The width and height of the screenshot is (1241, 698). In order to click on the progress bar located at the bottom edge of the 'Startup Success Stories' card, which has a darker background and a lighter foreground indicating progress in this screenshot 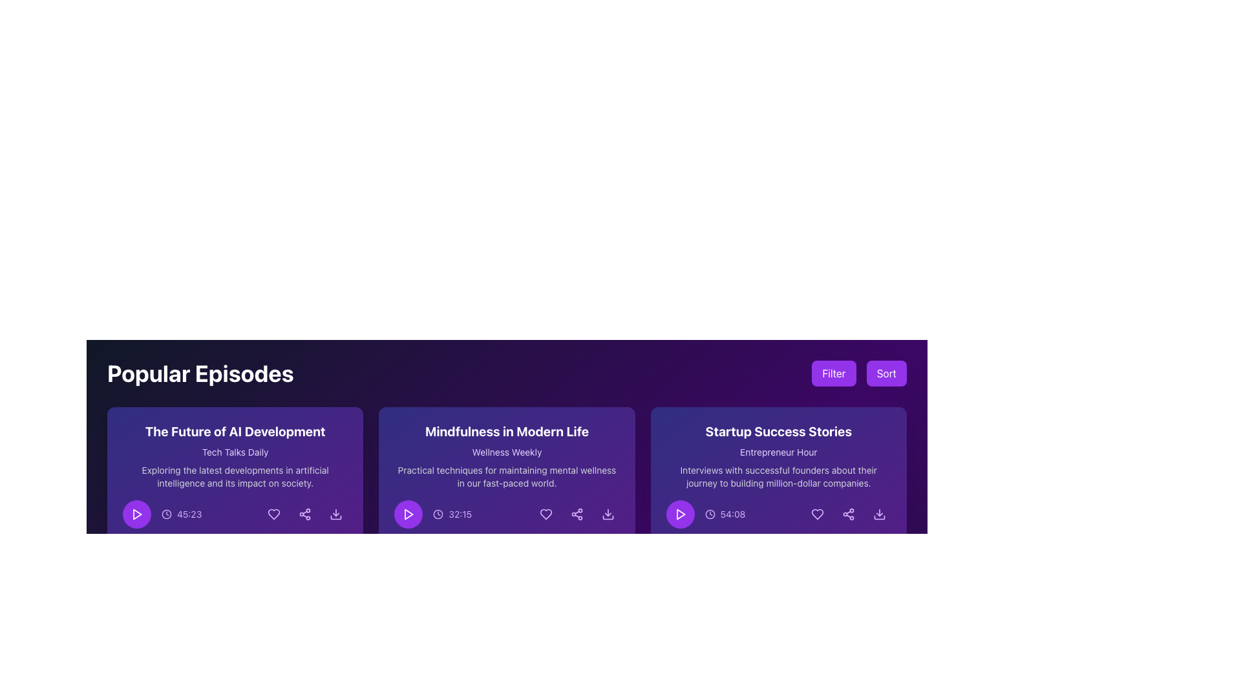, I will do `click(778, 541)`.